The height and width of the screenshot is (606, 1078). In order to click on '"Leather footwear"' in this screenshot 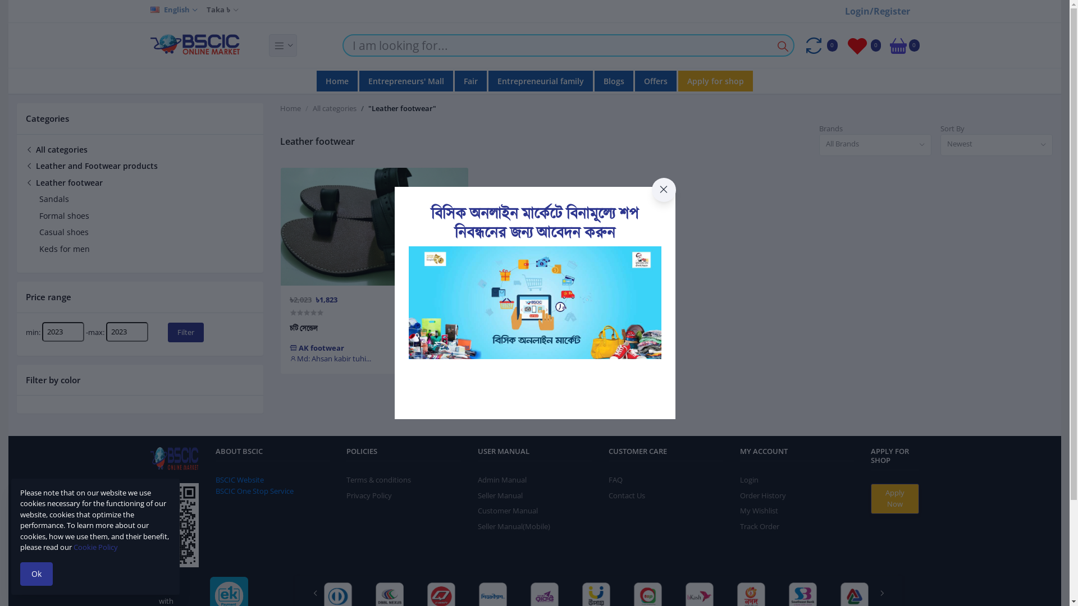, I will do `click(402, 108)`.